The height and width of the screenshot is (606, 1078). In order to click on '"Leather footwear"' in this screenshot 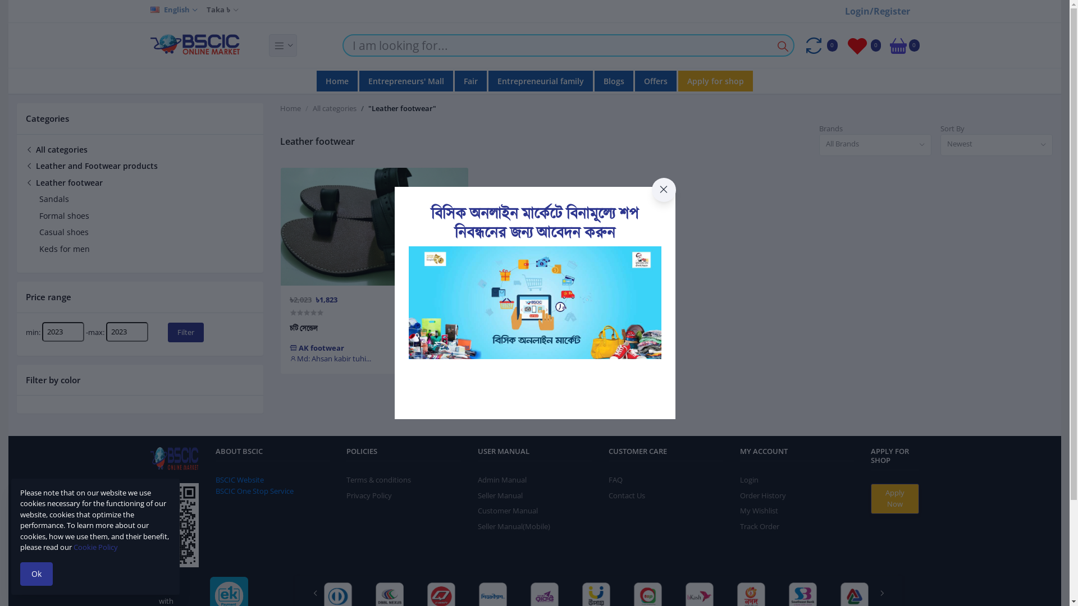, I will do `click(402, 108)`.